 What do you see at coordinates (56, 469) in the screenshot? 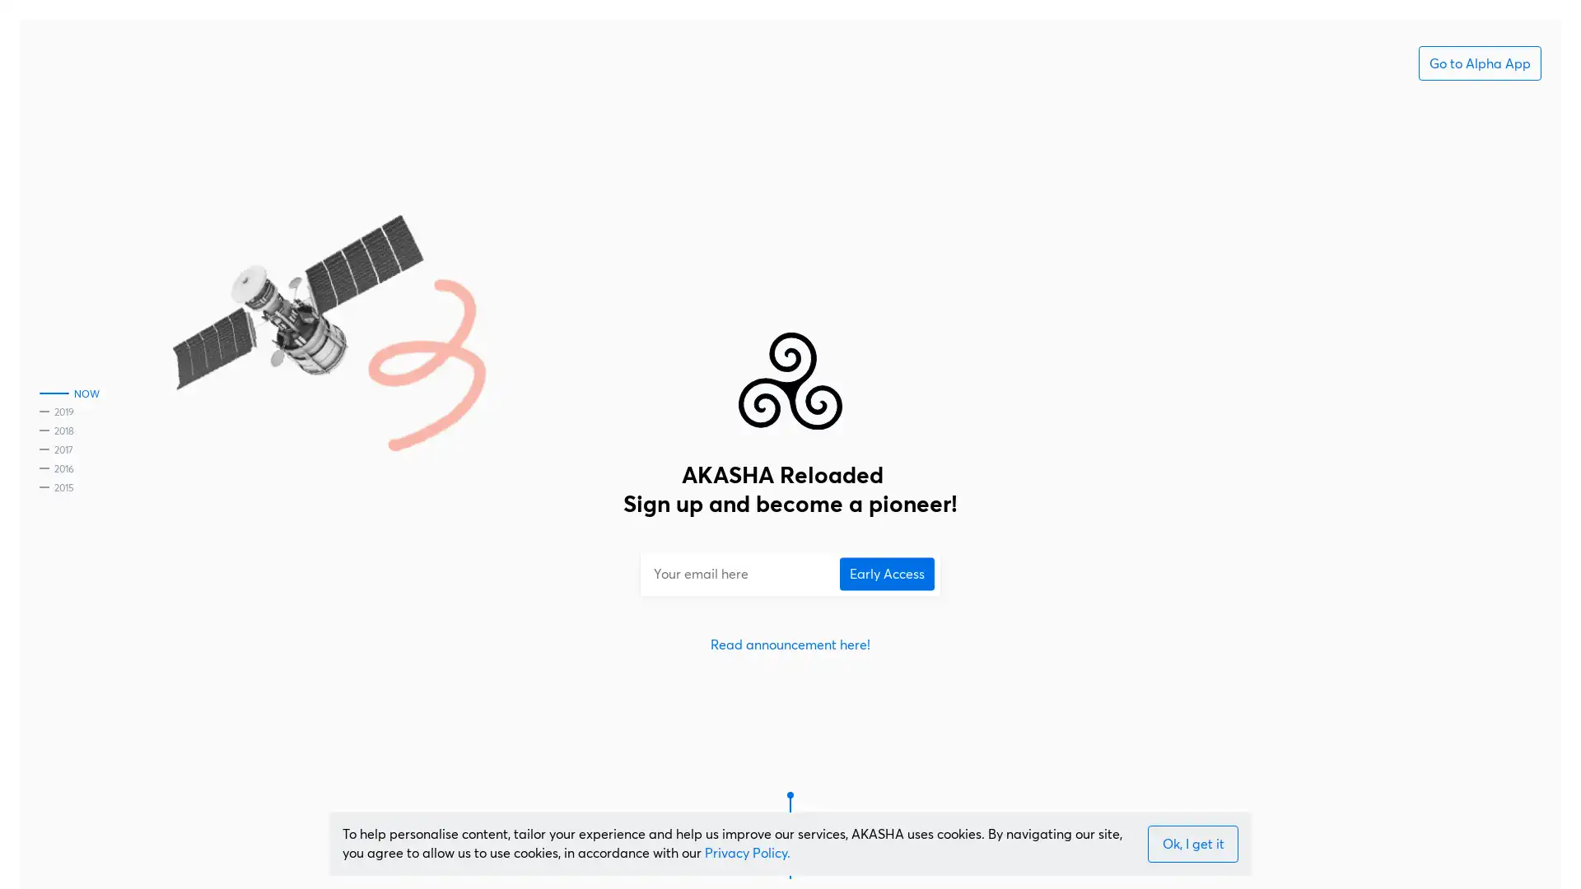
I see `2016` at bounding box center [56, 469].